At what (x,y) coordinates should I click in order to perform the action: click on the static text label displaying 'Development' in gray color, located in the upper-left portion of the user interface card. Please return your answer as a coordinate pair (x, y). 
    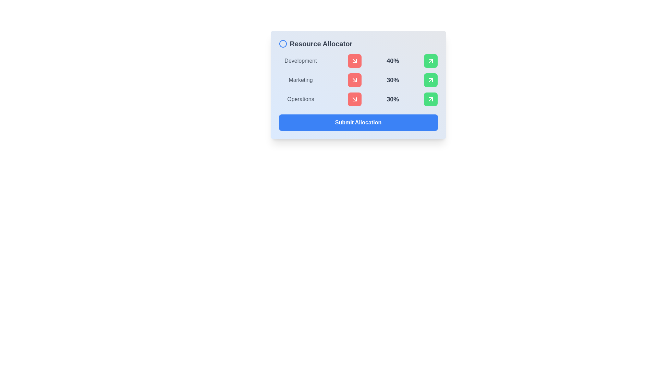
    Looking at the image, I should click on (301, 60).